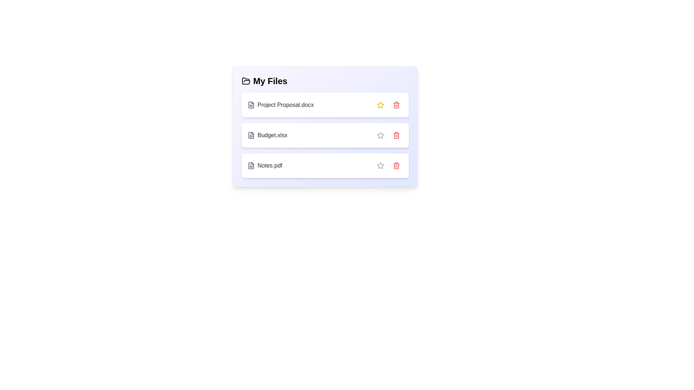 Image resolution: width=694 pixels, height=390 pixels. Describe the element at coordinates (396, 166) in the screenshot. I see `trash icon for the file Notes.pdf to remove it from the list` at that location.